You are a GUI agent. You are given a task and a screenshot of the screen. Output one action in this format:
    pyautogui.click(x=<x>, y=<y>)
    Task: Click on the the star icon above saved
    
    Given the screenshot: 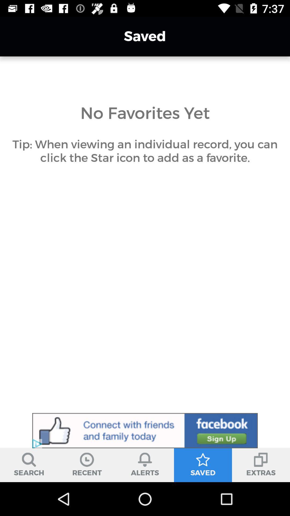 What is the action you would take?
    pyautogui.click(x=203, y=459)
    